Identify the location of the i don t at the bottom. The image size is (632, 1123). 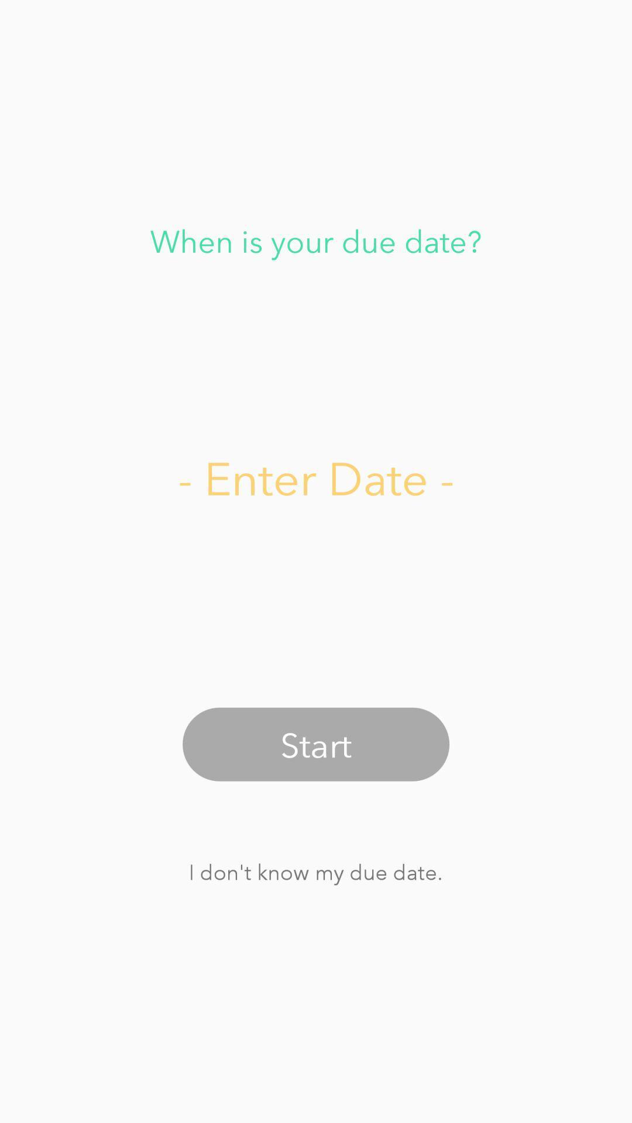
(315, 871).